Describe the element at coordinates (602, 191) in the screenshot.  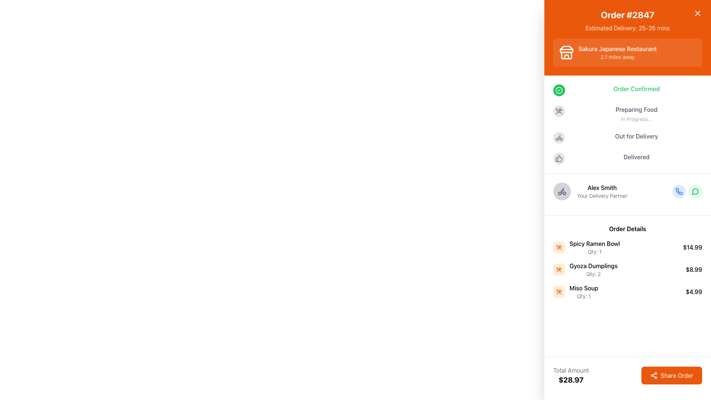
I see `the informational text block providing details about the delivery partner, located in the right-side panel under the 'Order Confirmed' section beside the delivery bike icon` at that location.